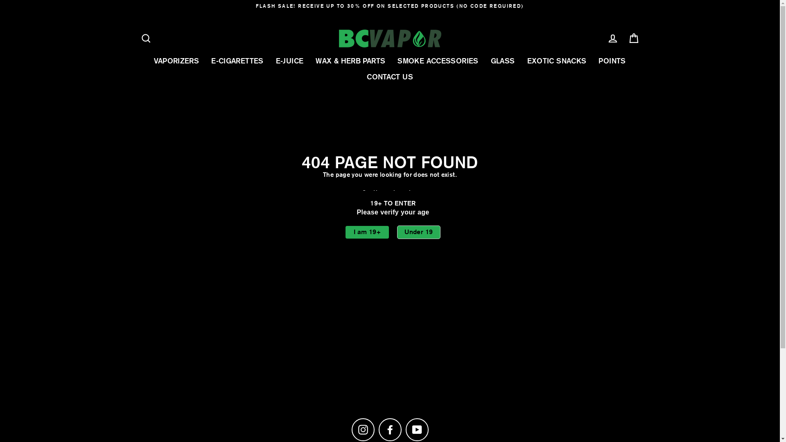 The image size is (786, 442). I want to click on 'E-JUICE', so click(290, 60).